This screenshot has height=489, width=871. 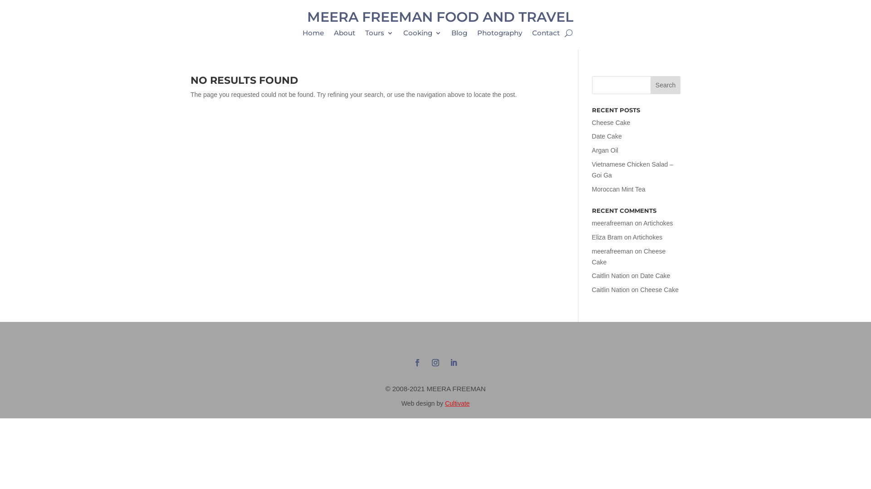 What do you see at coordinates (457, 403) in the screenshot?
I see `'Cultivate'` at bounding box center [457, 403].